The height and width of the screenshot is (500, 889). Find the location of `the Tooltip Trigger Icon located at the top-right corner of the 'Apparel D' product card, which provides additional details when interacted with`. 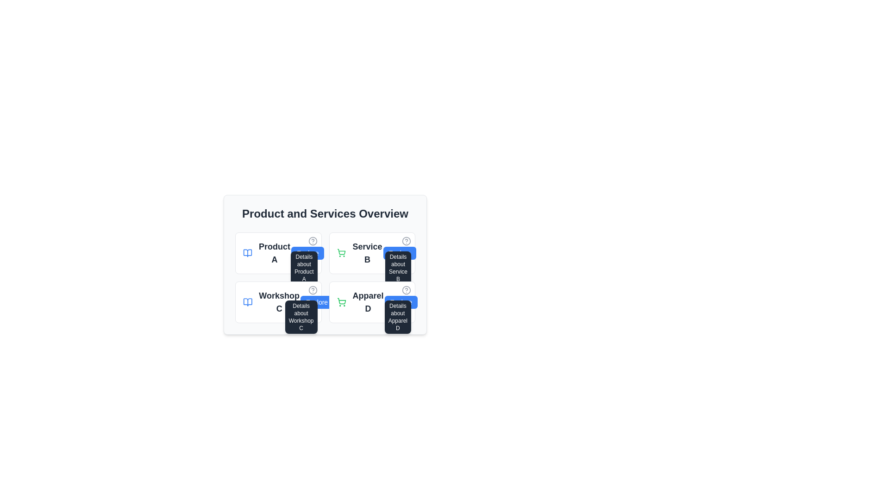

the Tooltip Trigger Icon located at the top-right corner of the 'Apparel D' product card, which provides additional details when interacted with is located at coordinates (407, 290).